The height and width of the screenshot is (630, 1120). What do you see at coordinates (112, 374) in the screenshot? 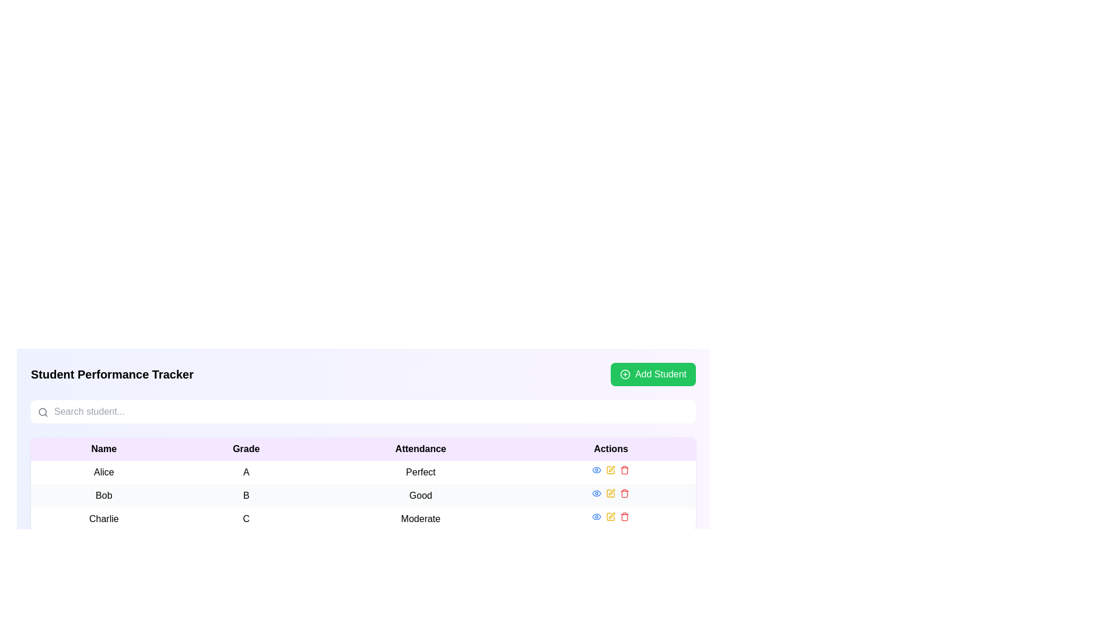
I see `the 'Student Performance Tracker' text label, which is a bold and large-sized header located in the upper-left section of the interface against a white background` at bounding box center [112, 374].